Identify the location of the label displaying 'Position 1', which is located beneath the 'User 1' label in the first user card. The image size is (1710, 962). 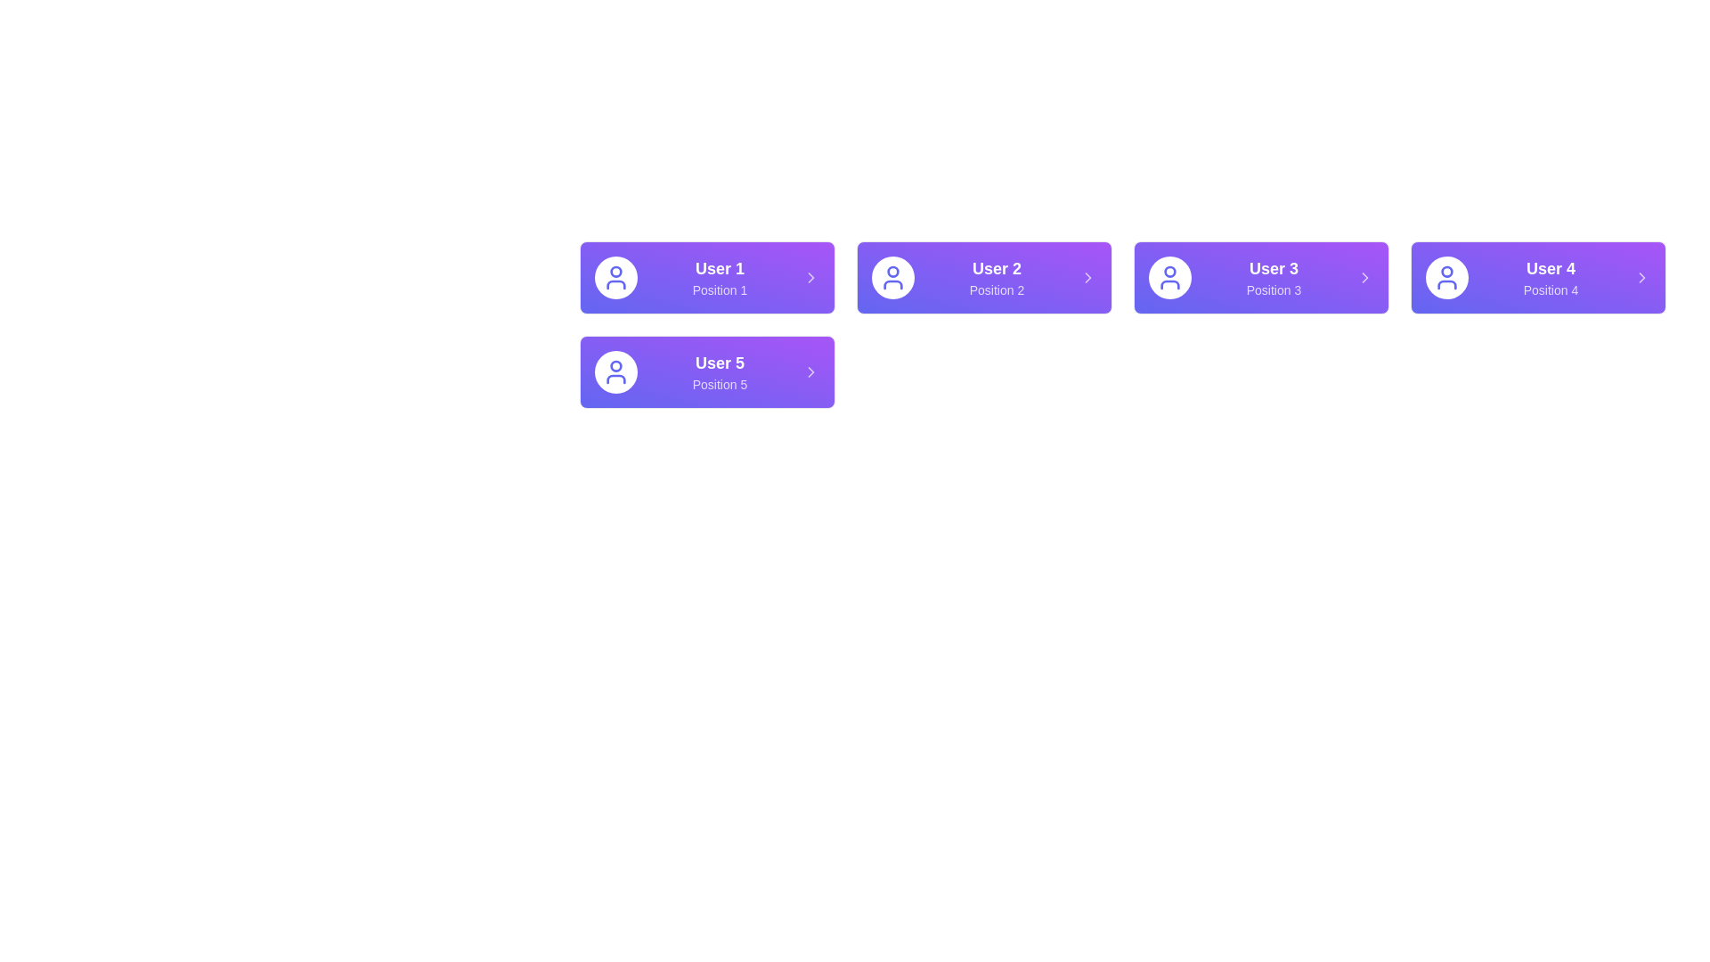
(720, 289).